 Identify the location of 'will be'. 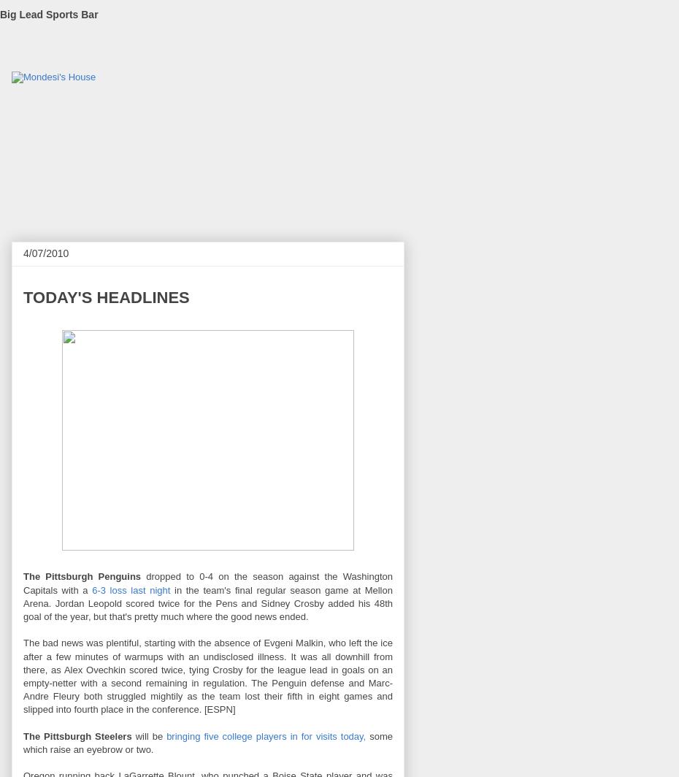
(130, 735).